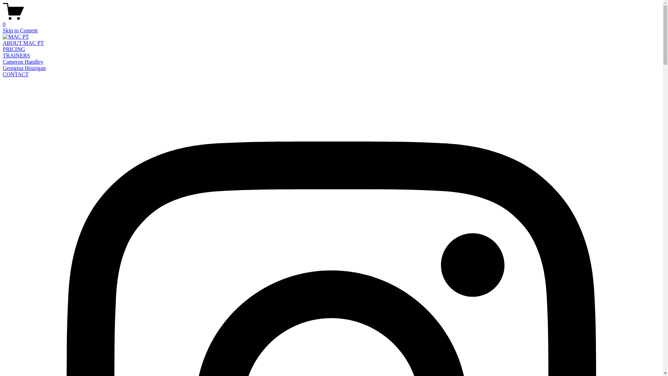 The height and width of the screenshot is (376, 668). Describe the element at coordinates (3, 68) in the screenshot. I see `'Georgina Hourigan'` at that location.